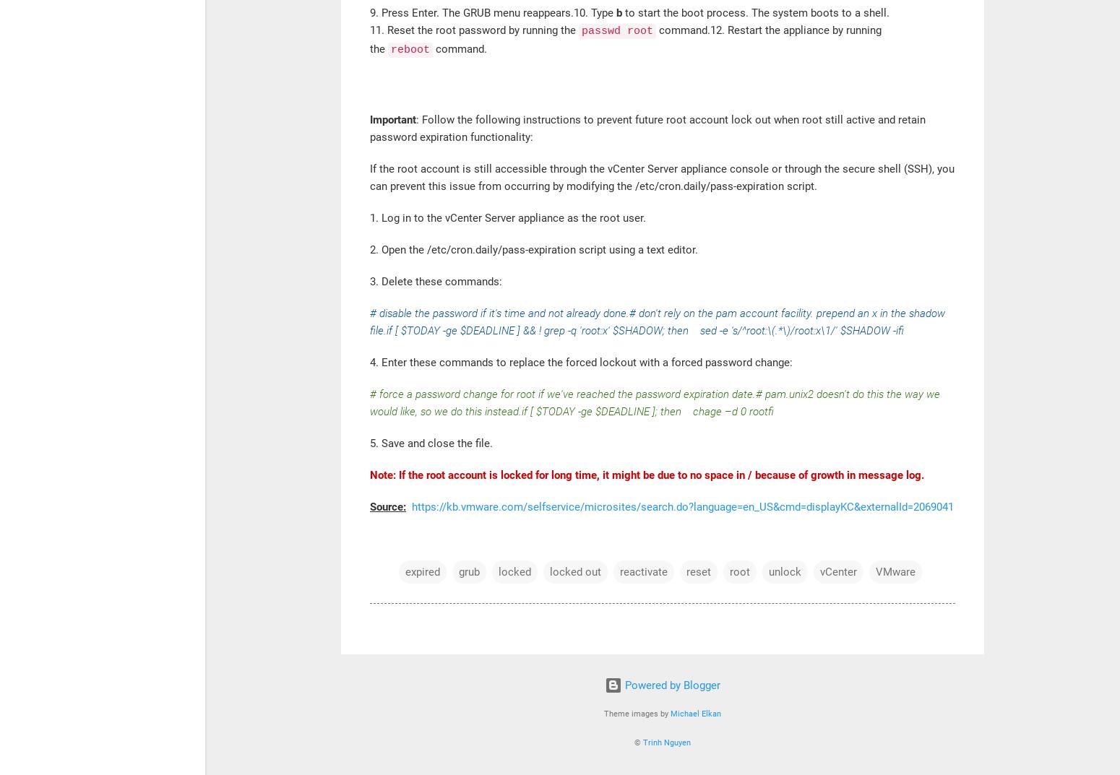 The height and width of the screenshot is (775, 1120). Describe the element at coordinates (637, 713) in the screenshot. I see `'Theme images by'` at that location.